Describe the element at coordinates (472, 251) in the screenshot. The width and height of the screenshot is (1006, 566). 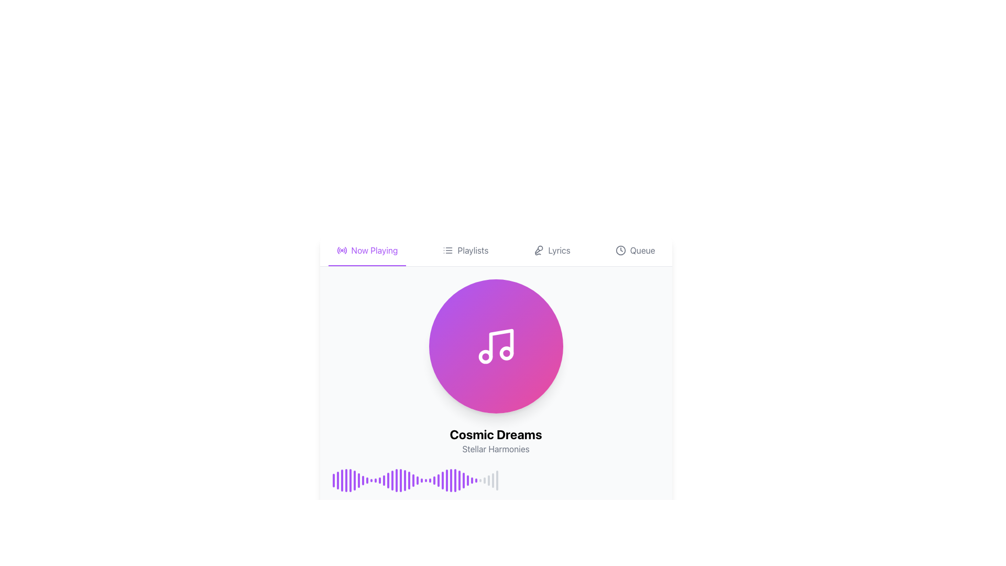
I see `the static text label indicating navigation to playlists, located to the right of the list icon in the navigation bar` at that location.